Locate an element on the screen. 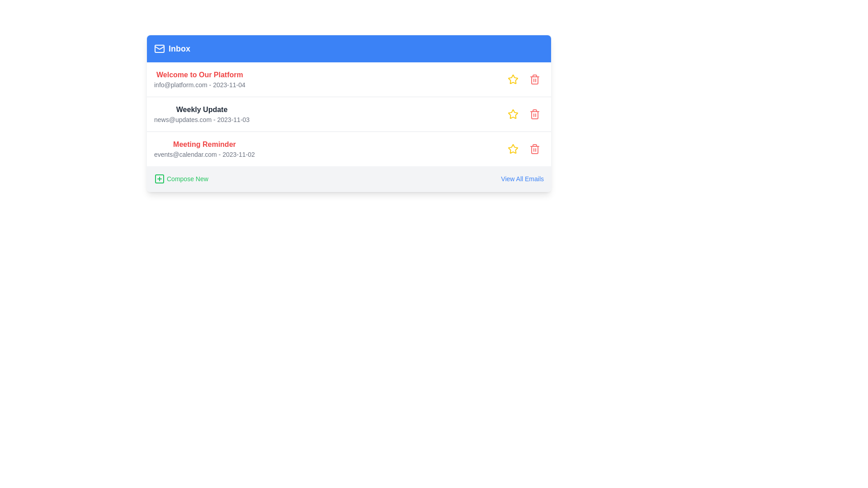  the yellow star-shaped interactive icon is located at coordinates (513, 114).